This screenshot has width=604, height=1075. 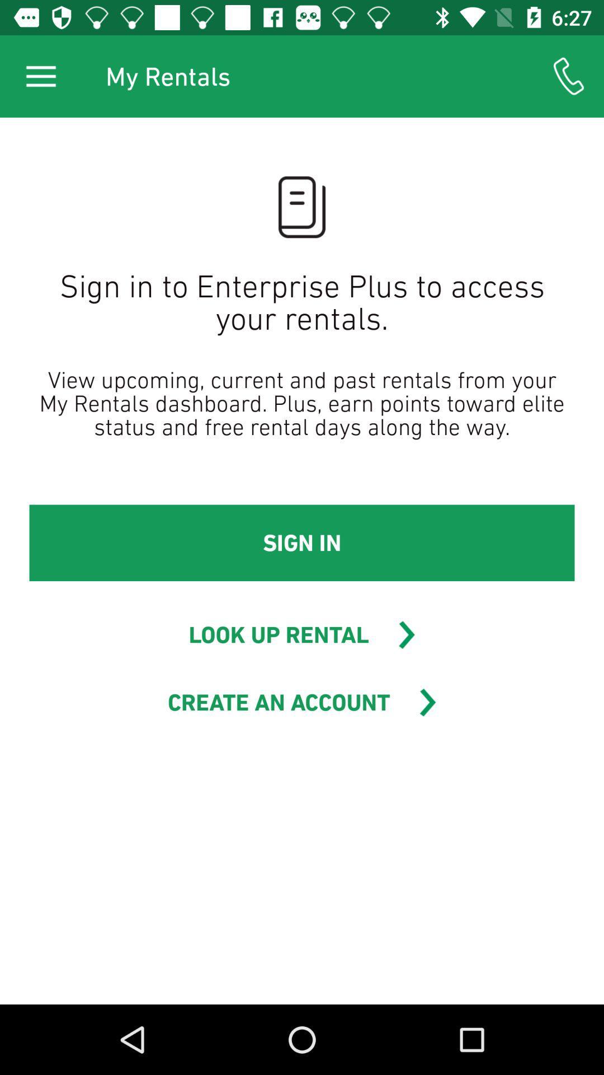 I want to click on icon next to my rentals item, so click(x=569, y=76).